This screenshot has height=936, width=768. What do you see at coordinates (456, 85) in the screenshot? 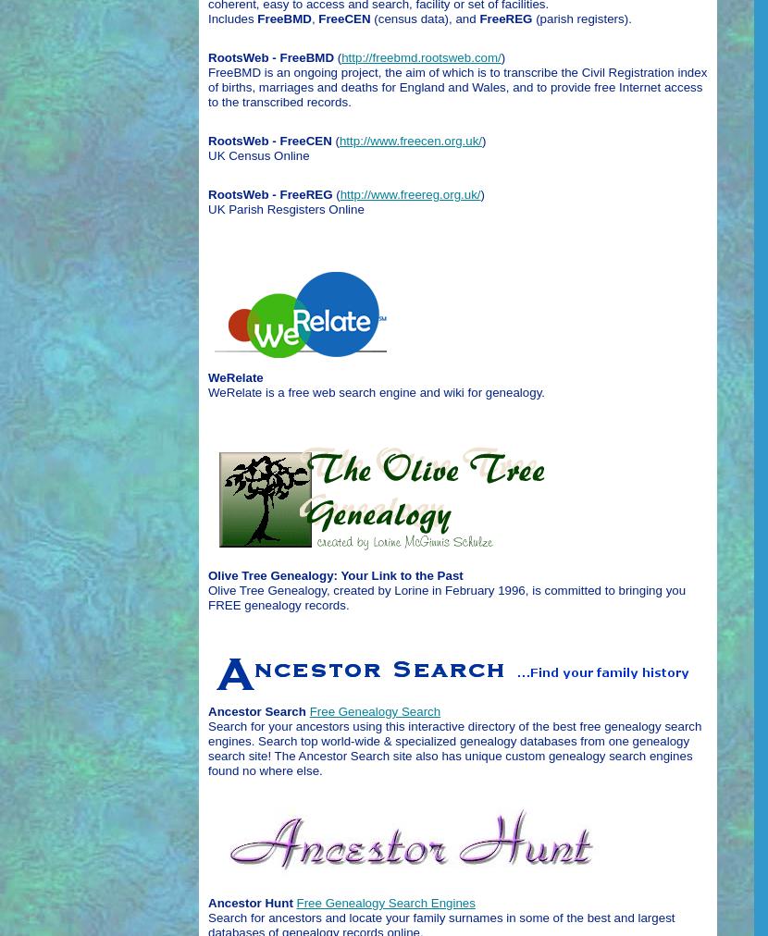
I see `'FreeBMD is an ongoing project, the aim of which is to transcribe the Civil Registration index of births, marriages and deaths for England and Wales, and to provide free Internet access to the transcribed records.'` at bounding box center [456, 85].